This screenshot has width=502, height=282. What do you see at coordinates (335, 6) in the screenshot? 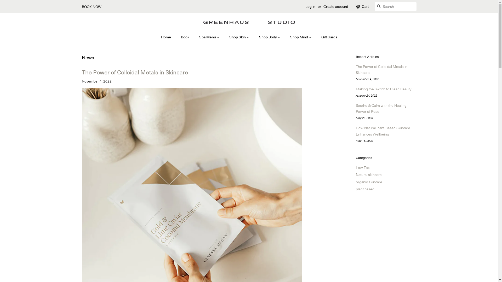
I see `'Create account'` at bounding box center [335, 6].